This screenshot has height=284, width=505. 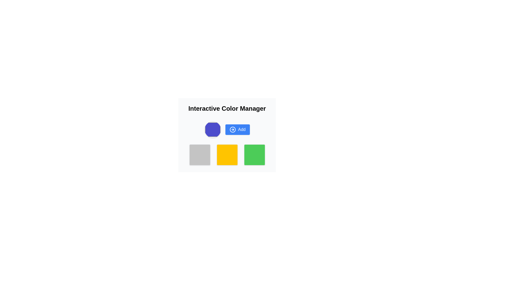 I want to click on the button below the title 'Interactive Color Manager', next to a purple octagonal shape, so click(x=227, y=131).